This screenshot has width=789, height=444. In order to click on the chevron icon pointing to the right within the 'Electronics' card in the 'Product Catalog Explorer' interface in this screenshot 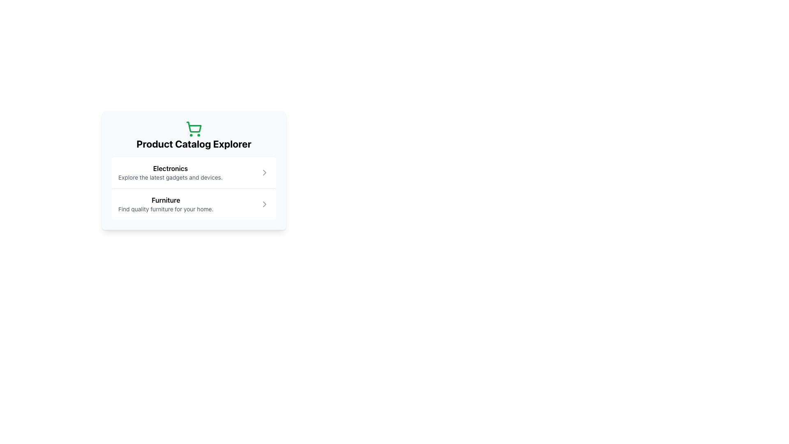, I will do `click(264, 172)`.